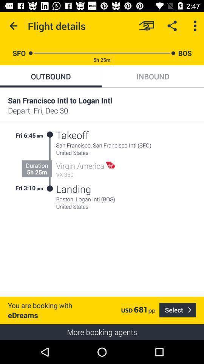 This screenshot has height=364, width=204. Describe the element at coordinates (14, 26) in the screenshot. I see `the item to the left of the flight details item` at that location.